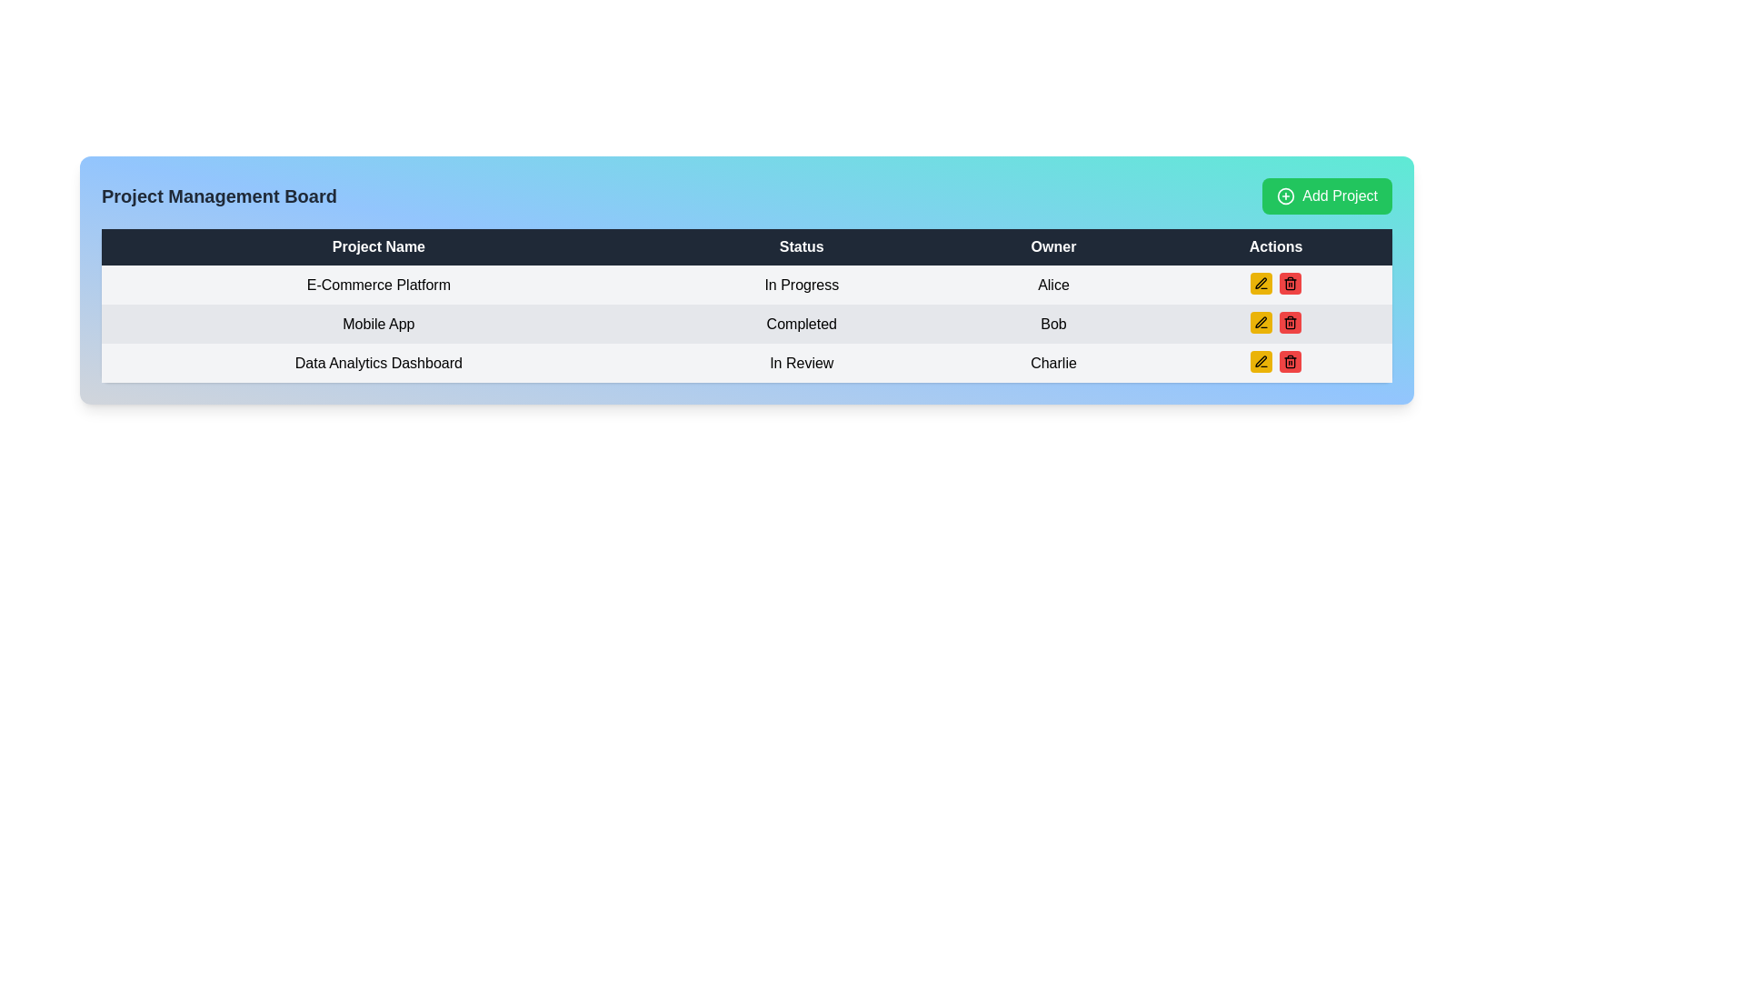 The image size is (1745, 982). I want to click on the red trash can button located in the rightmost column under 'Actions' for the entry corresponding to 'Charlie' in the 'Owner' column, so click(1275, 363).